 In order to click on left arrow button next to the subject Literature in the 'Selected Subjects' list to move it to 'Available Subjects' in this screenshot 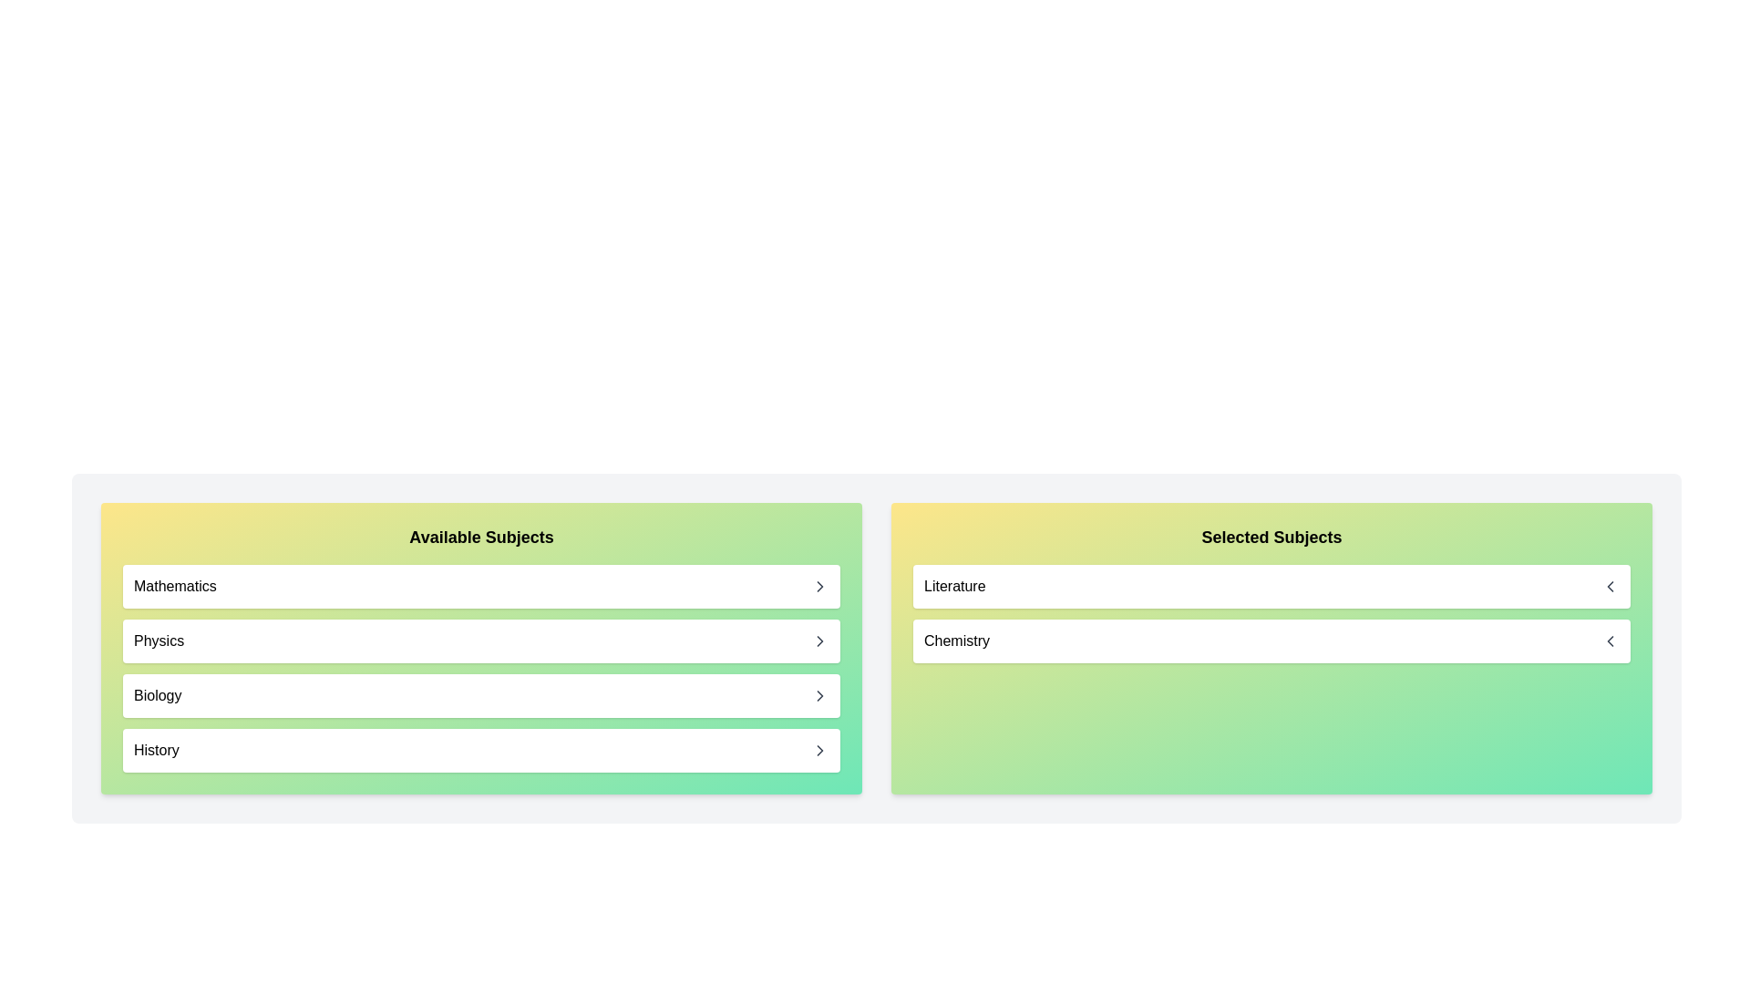, I will do `click(1610, 587)`.